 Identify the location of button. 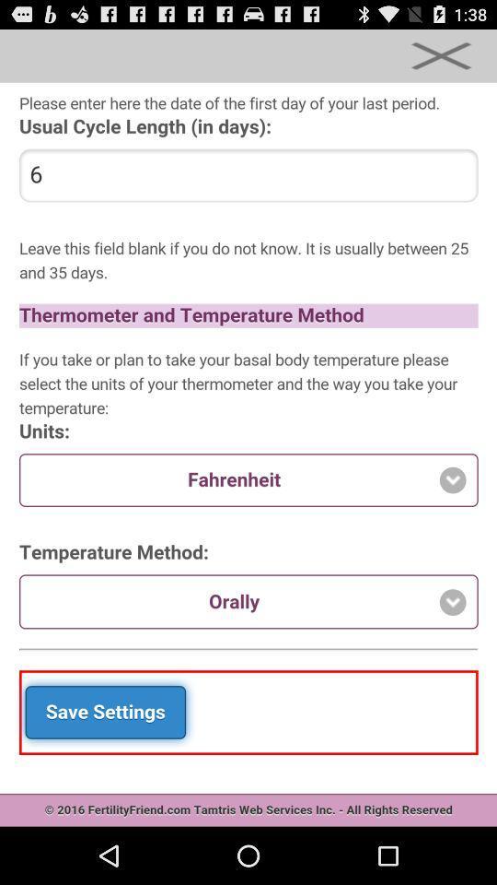
(440, 54).